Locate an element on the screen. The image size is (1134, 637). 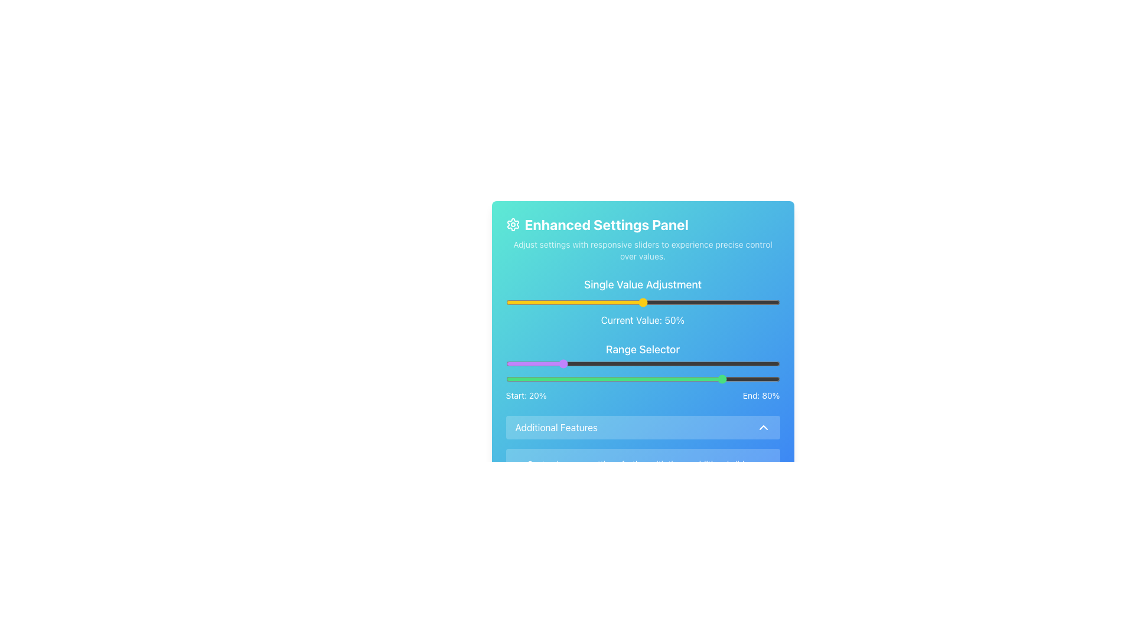
the slider is located at coordinates (724, 379).